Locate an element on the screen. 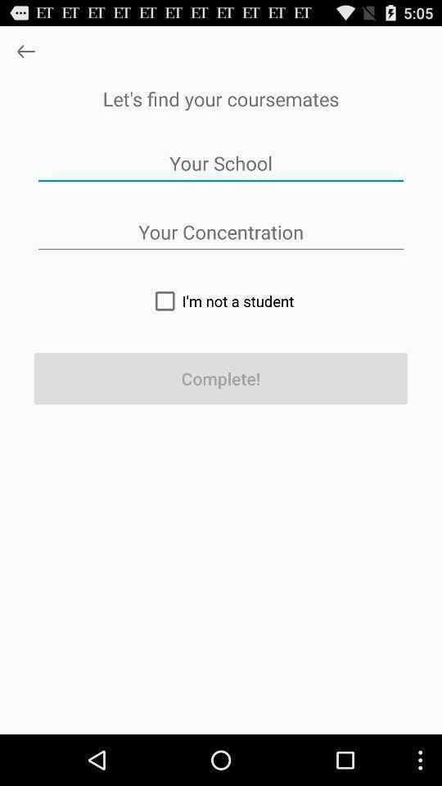 The image size is (442, 786). complete! is located at coordinates (221, 378).